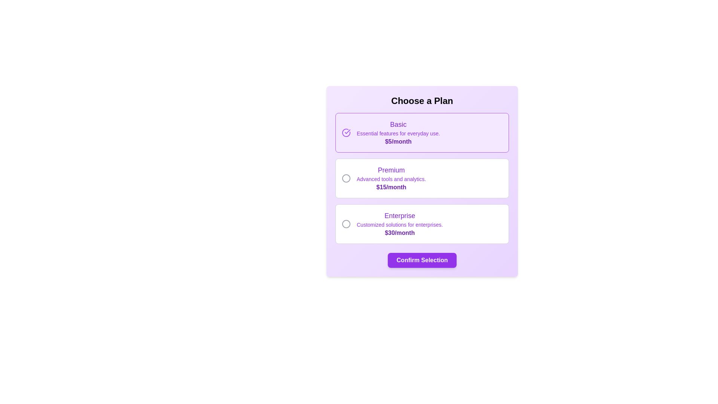  Describe the element at coordinates (422, 223) in the screenshot. I see `the radio button labeled 'Enterprise'` at that location.